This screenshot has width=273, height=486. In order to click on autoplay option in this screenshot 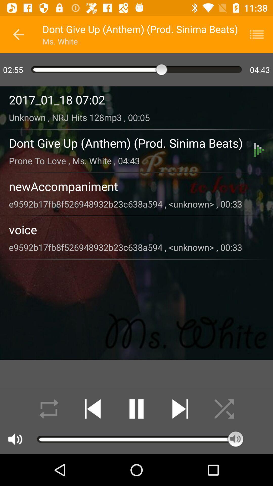, I will do `click(49, 409)`.